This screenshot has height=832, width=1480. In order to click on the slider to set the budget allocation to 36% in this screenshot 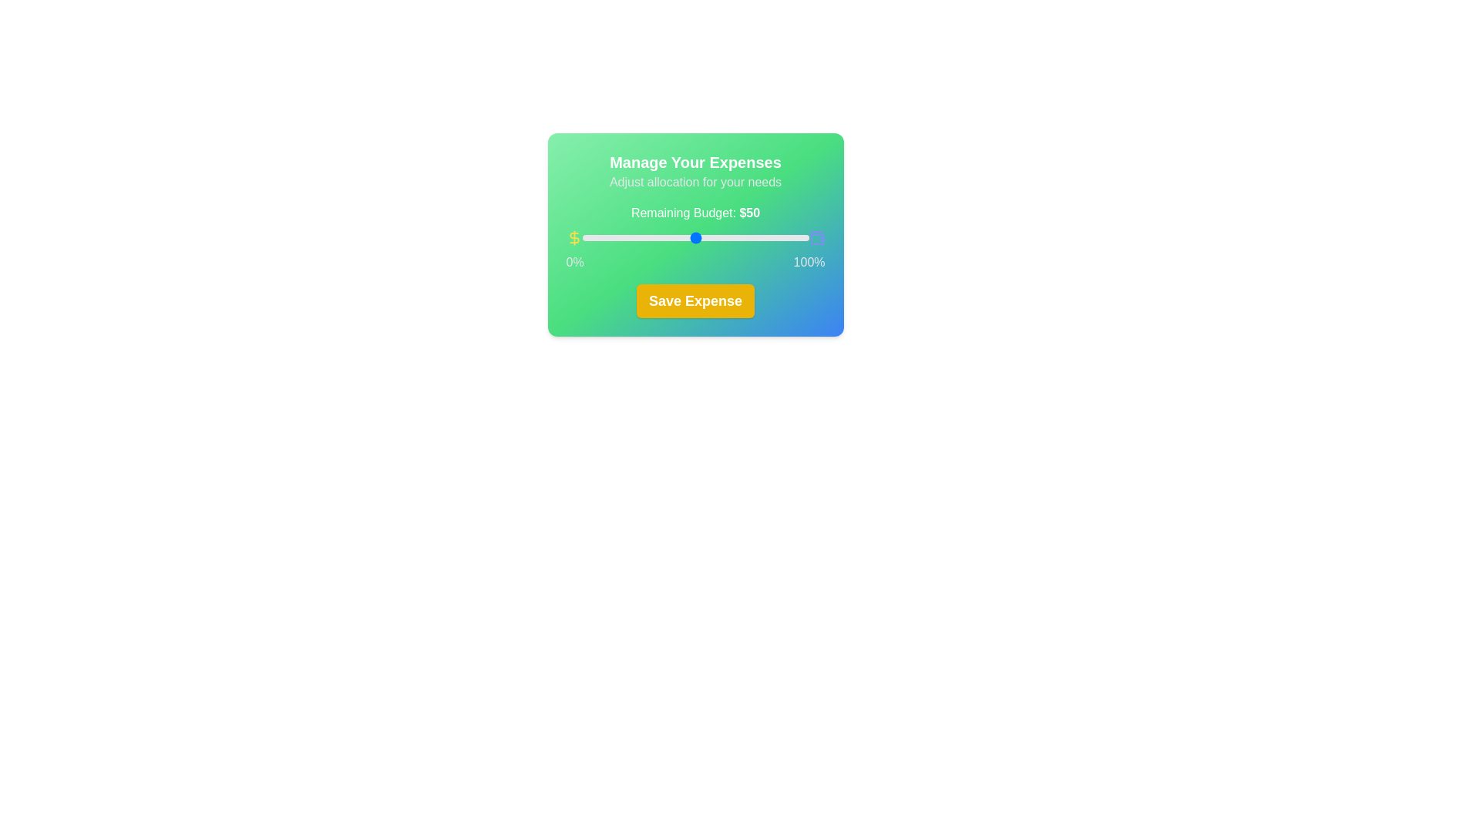, I will do `click(664, 237)`.